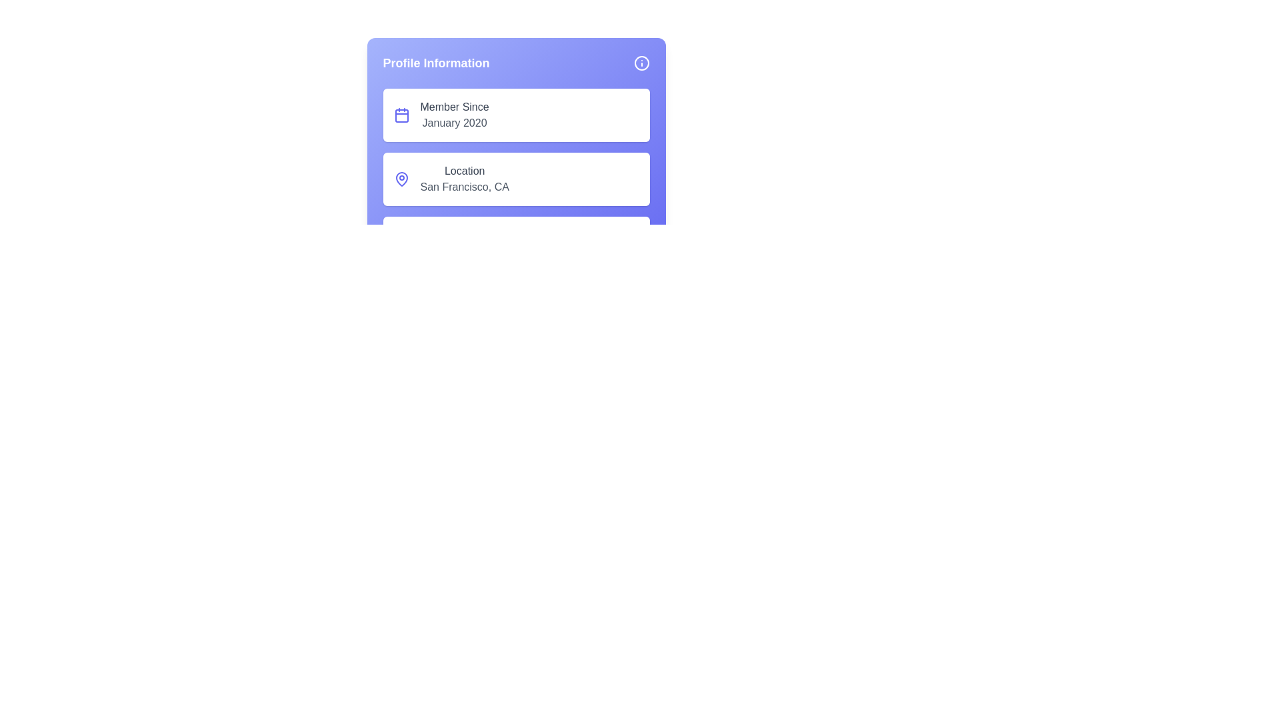 Image resolution: width=1280 pixels, height=720 pixels. Describe the element at coordinates (401, 179) in the screenshot. I see `the graphical icon representing a location or map pin in the user profile interface, which is located to the left of the 'Location' text` at that location.